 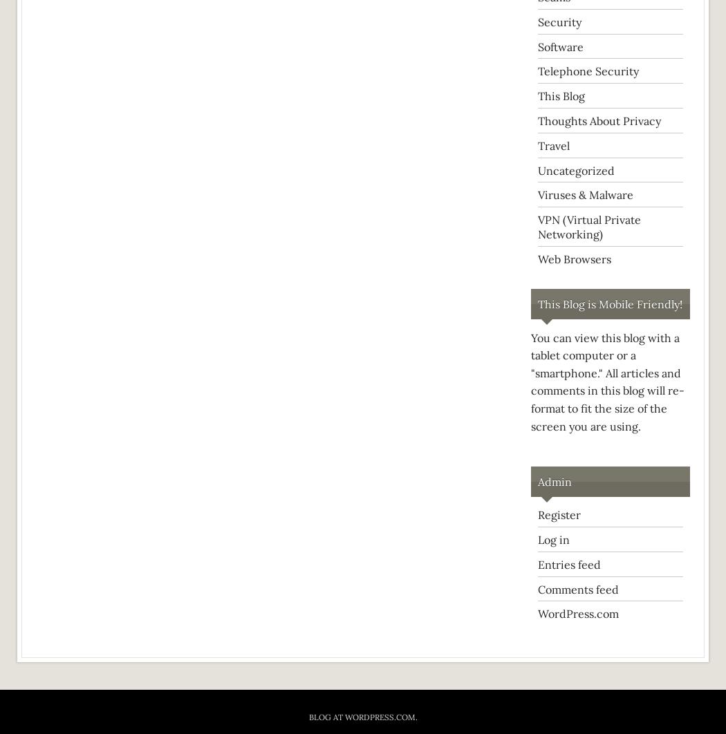 I want to click on 'Log in', so click(x=553, y=539).